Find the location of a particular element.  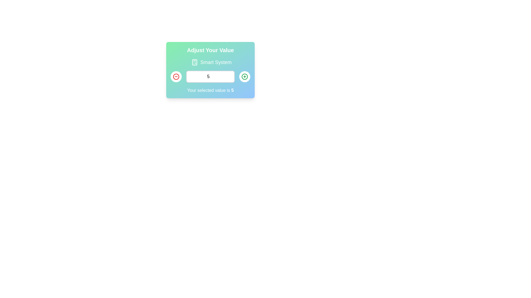

the increment button located to the right of the value input field in the lower right section of the interface panel is located at coordinates (244, 76).